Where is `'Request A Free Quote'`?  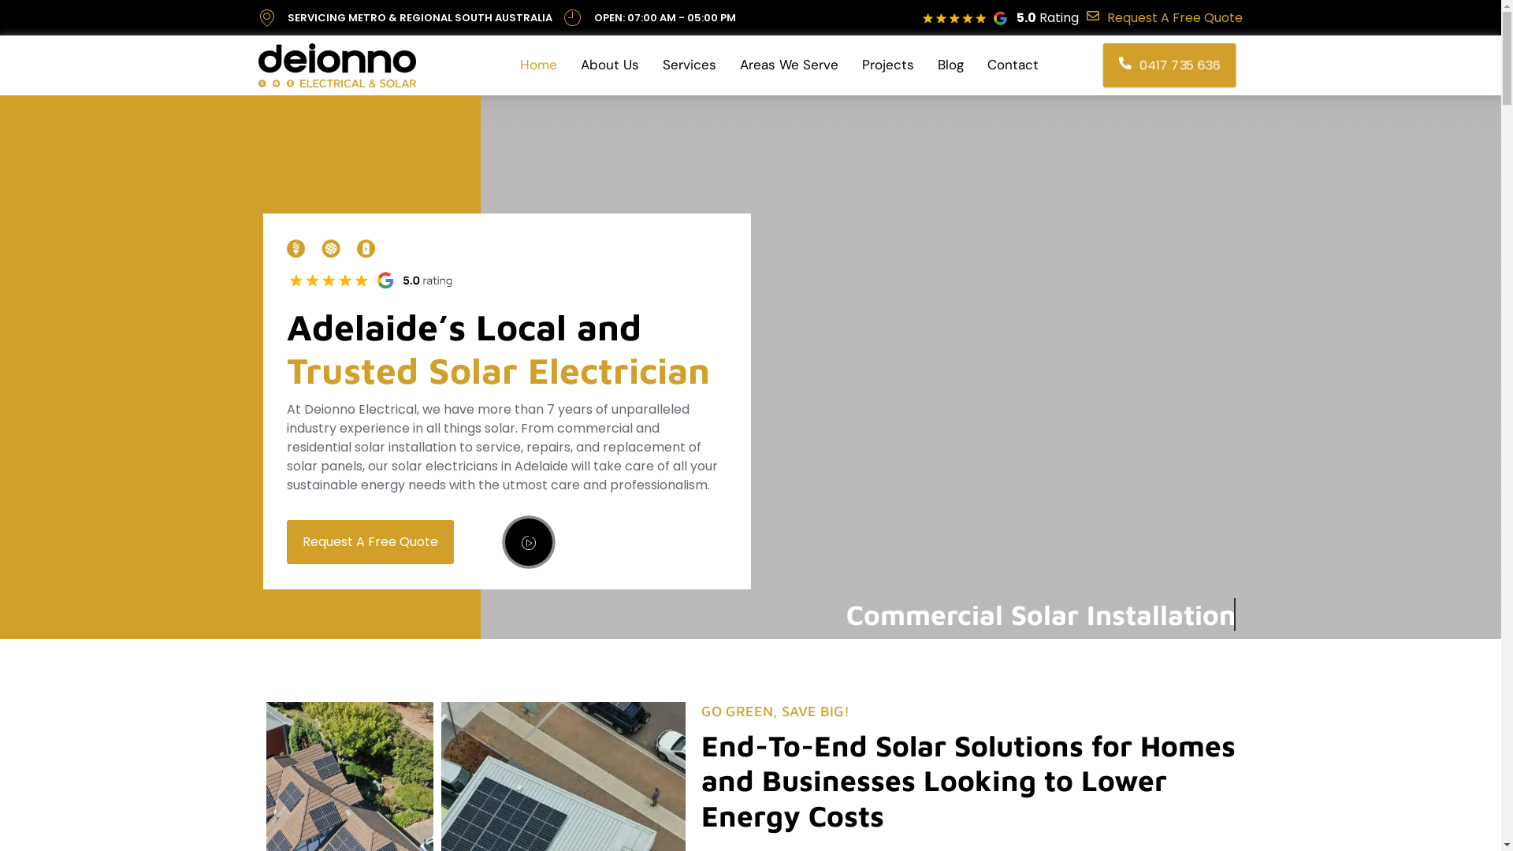
'Request A Free Quote' is located at coordinates (1165, 18).